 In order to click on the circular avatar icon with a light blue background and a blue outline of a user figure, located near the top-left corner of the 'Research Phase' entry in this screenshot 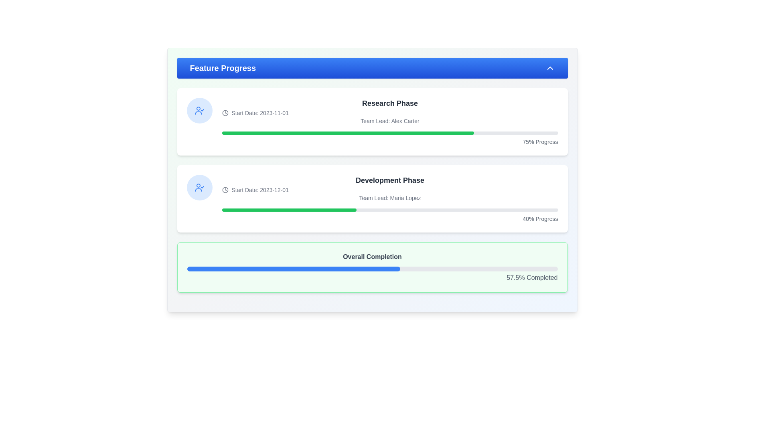, I will do `click(199, 111)`.